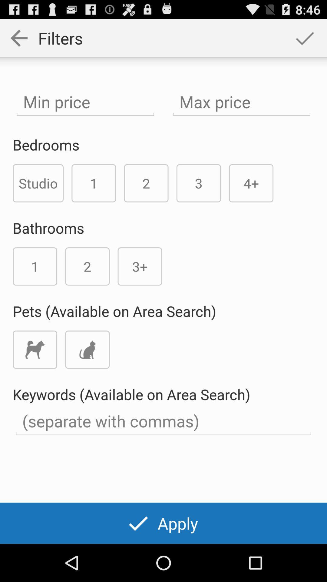 The height and width of the screenshot is (582, 327). What do you see at coordinates (94, 183) in the screenshot?
I see `number 1 which is next to studio` at bounding box center [94, 183].